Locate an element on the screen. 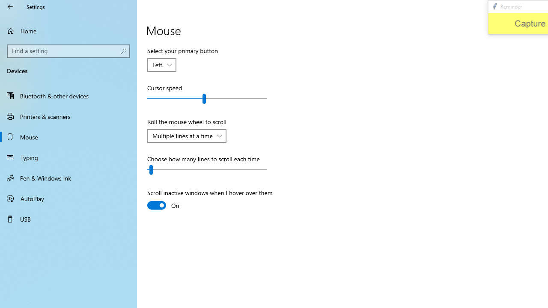 The height and width of the screenshot is (308, 548). 'Typing' is located at coordinates (68, 157).